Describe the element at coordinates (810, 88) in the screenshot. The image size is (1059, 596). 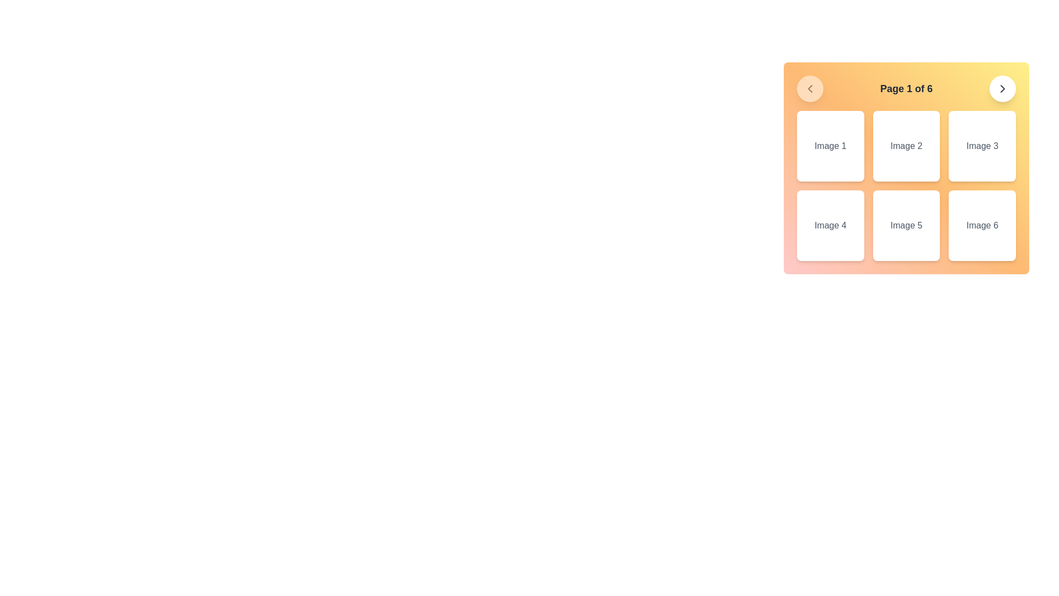
I see `the circular button with a white background and a left-pointing chevron icon located on the left side of the page navigation section` at that location.